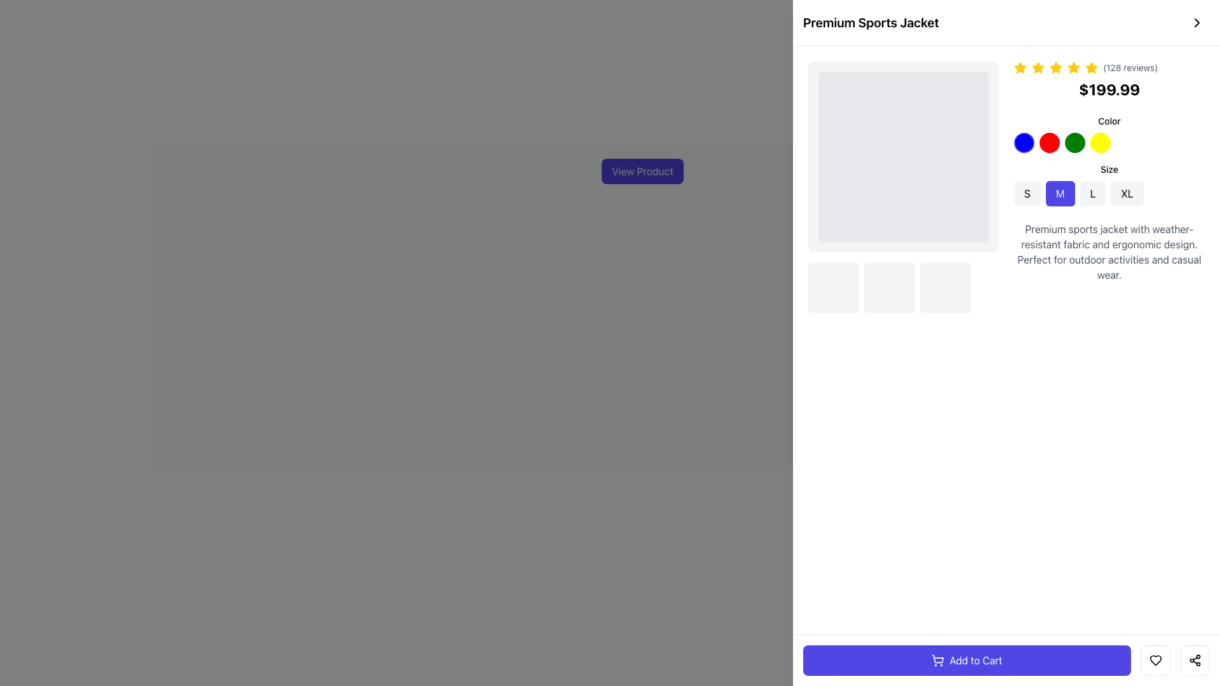  I want to click on the fourth yellow star icon in the rating system, so click(1091, 67).